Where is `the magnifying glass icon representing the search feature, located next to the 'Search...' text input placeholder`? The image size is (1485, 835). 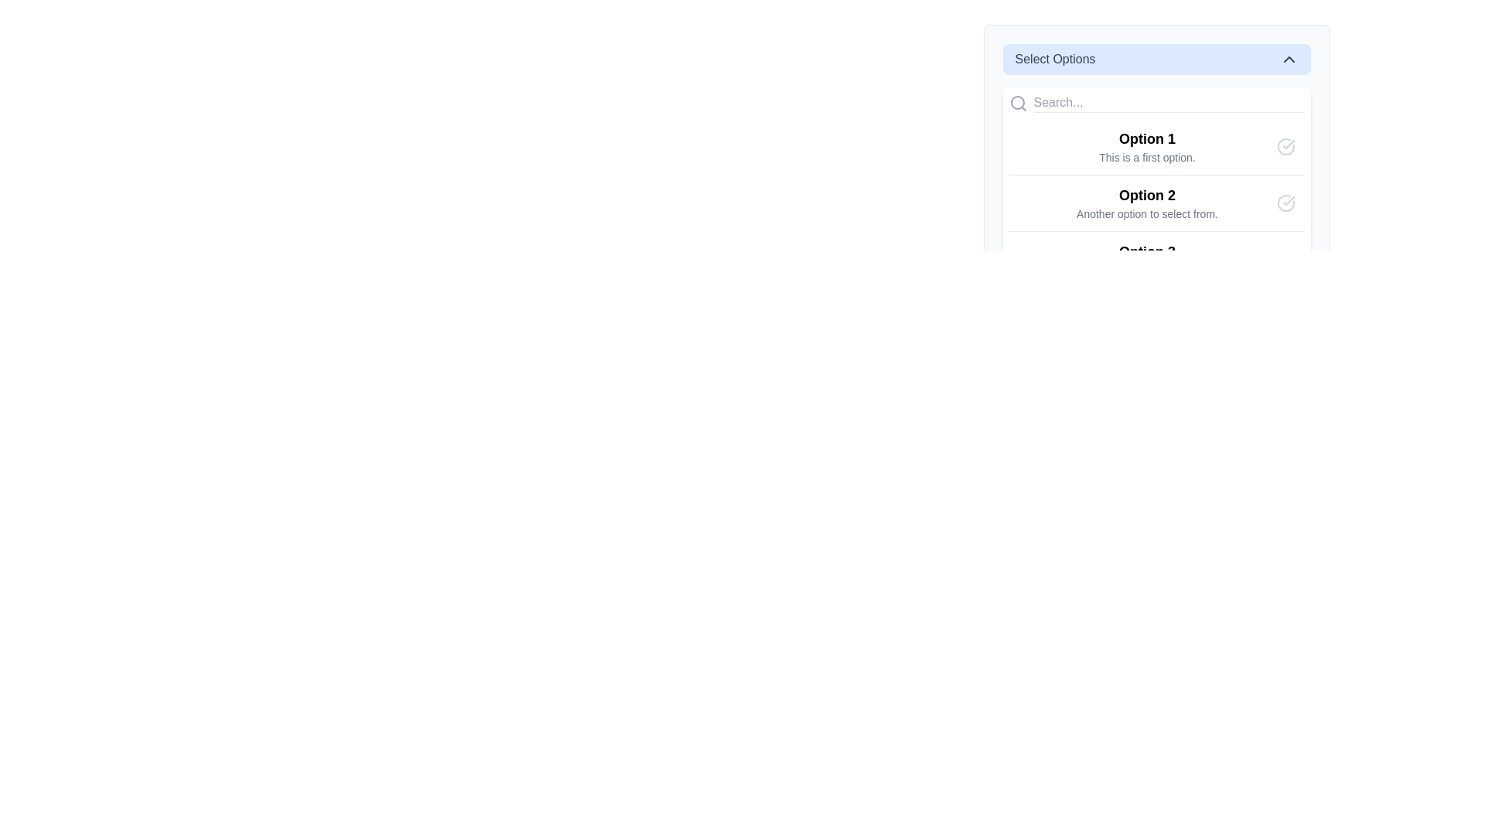 the magnifying glass icon representing the search feature, located next to the 'Search...' text input placeholder is located at coordinates (1018, 103).